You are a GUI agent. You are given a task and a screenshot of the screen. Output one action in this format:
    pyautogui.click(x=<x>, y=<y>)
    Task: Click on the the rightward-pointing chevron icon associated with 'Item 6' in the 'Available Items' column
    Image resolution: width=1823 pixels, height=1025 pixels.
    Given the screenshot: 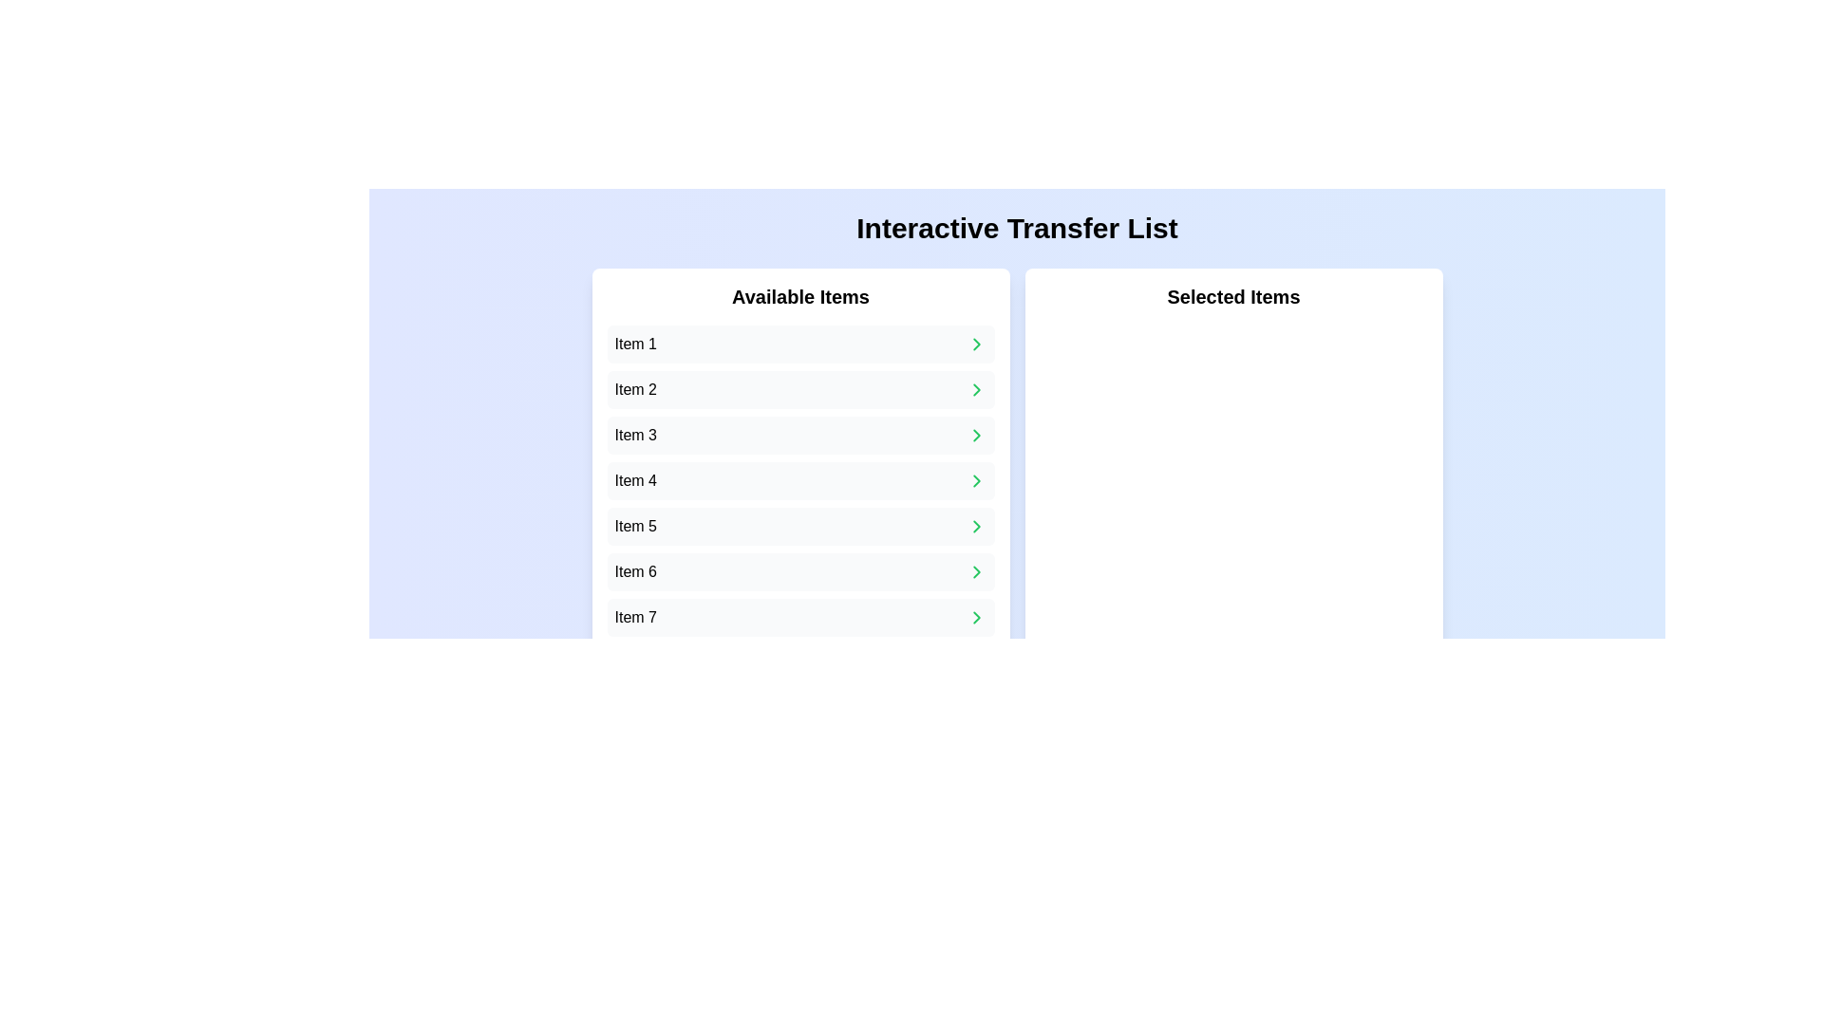 What is the action you would take?
    pyautogui.click(x=976, y=570)
    